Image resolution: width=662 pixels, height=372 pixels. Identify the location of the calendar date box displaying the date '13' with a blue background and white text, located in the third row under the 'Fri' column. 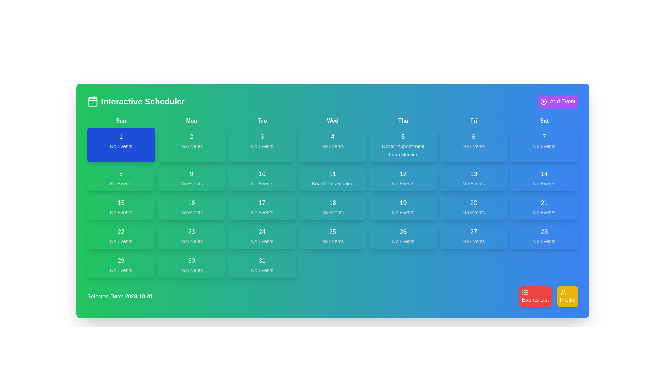
(473, 177).